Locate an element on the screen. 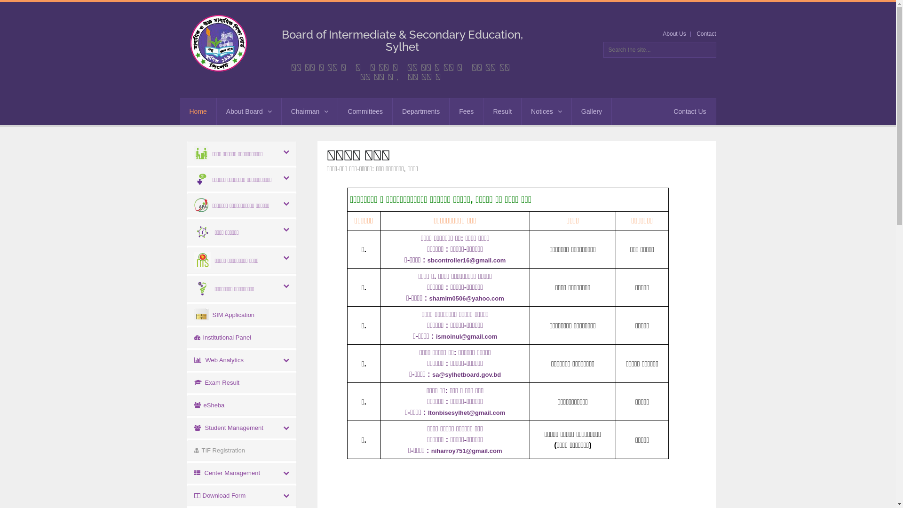  '  Institutional Panel' is located at coordinates (222, 337).